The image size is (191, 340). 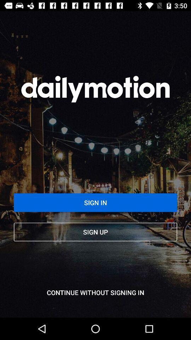 I want to click on sign in icon, so click(x=95, y=203).